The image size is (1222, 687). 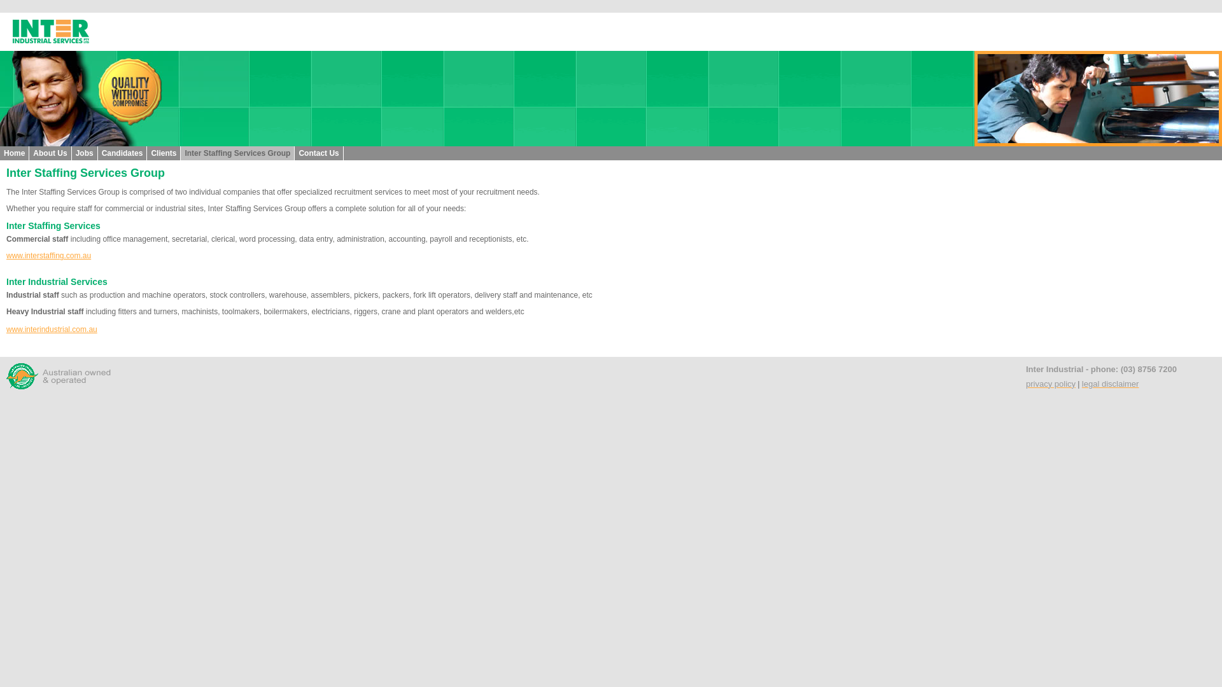 What do you see at coordinates (29, 152) in the screenshot?
I see `'About Us'` at bounding box center [29, 152].